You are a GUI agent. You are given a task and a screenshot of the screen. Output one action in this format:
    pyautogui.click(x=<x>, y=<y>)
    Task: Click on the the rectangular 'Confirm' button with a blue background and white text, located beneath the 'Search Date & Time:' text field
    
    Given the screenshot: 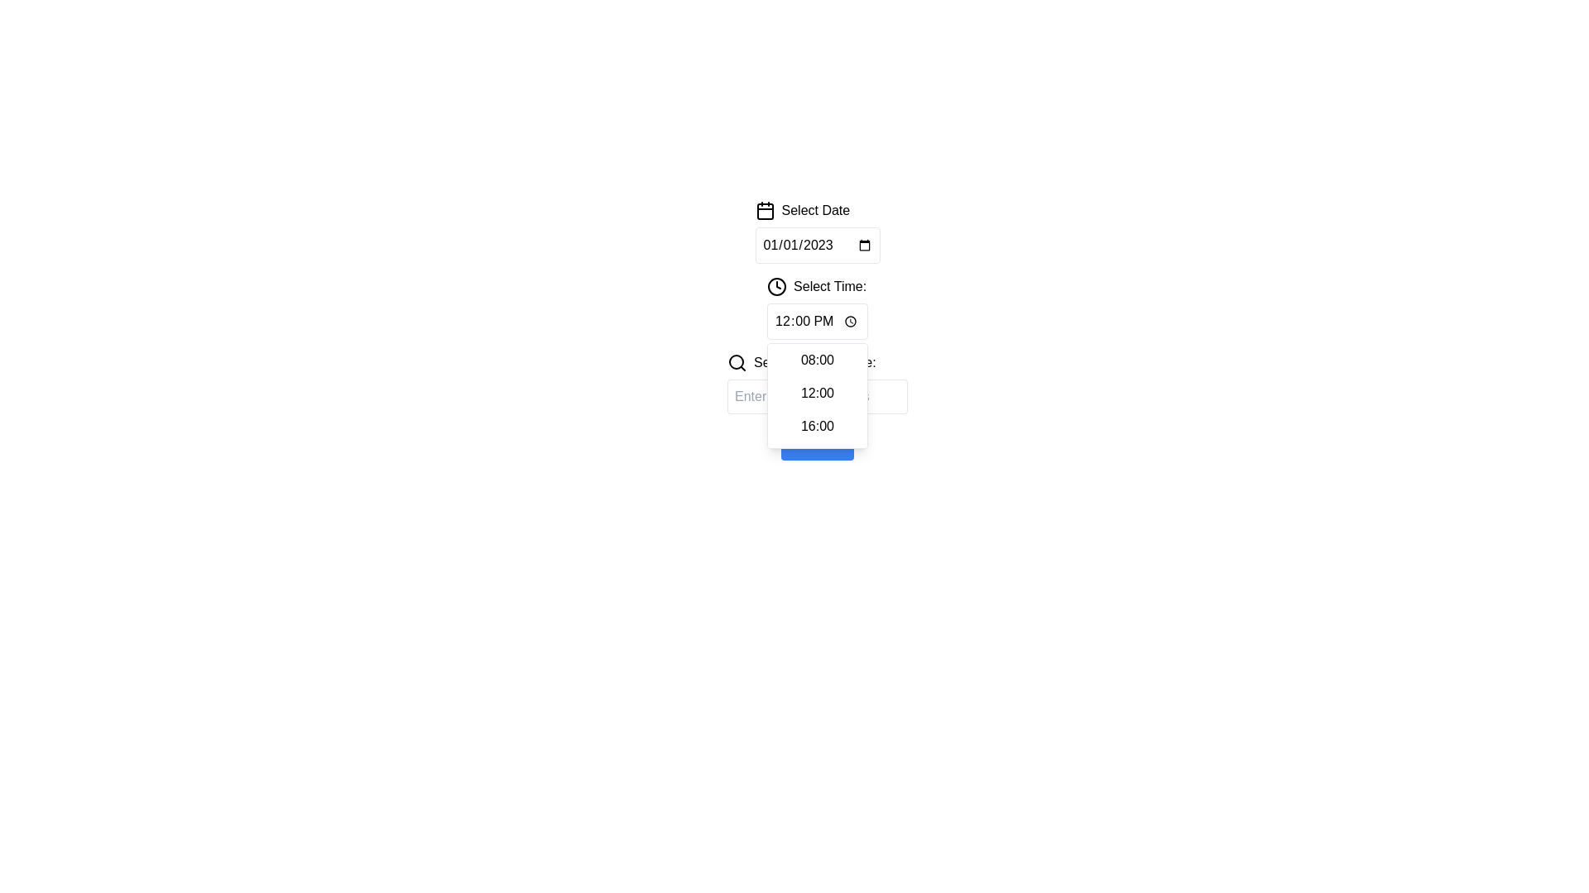 What is the action you would take?
    pyautogui.click(x=818, y=442)
    